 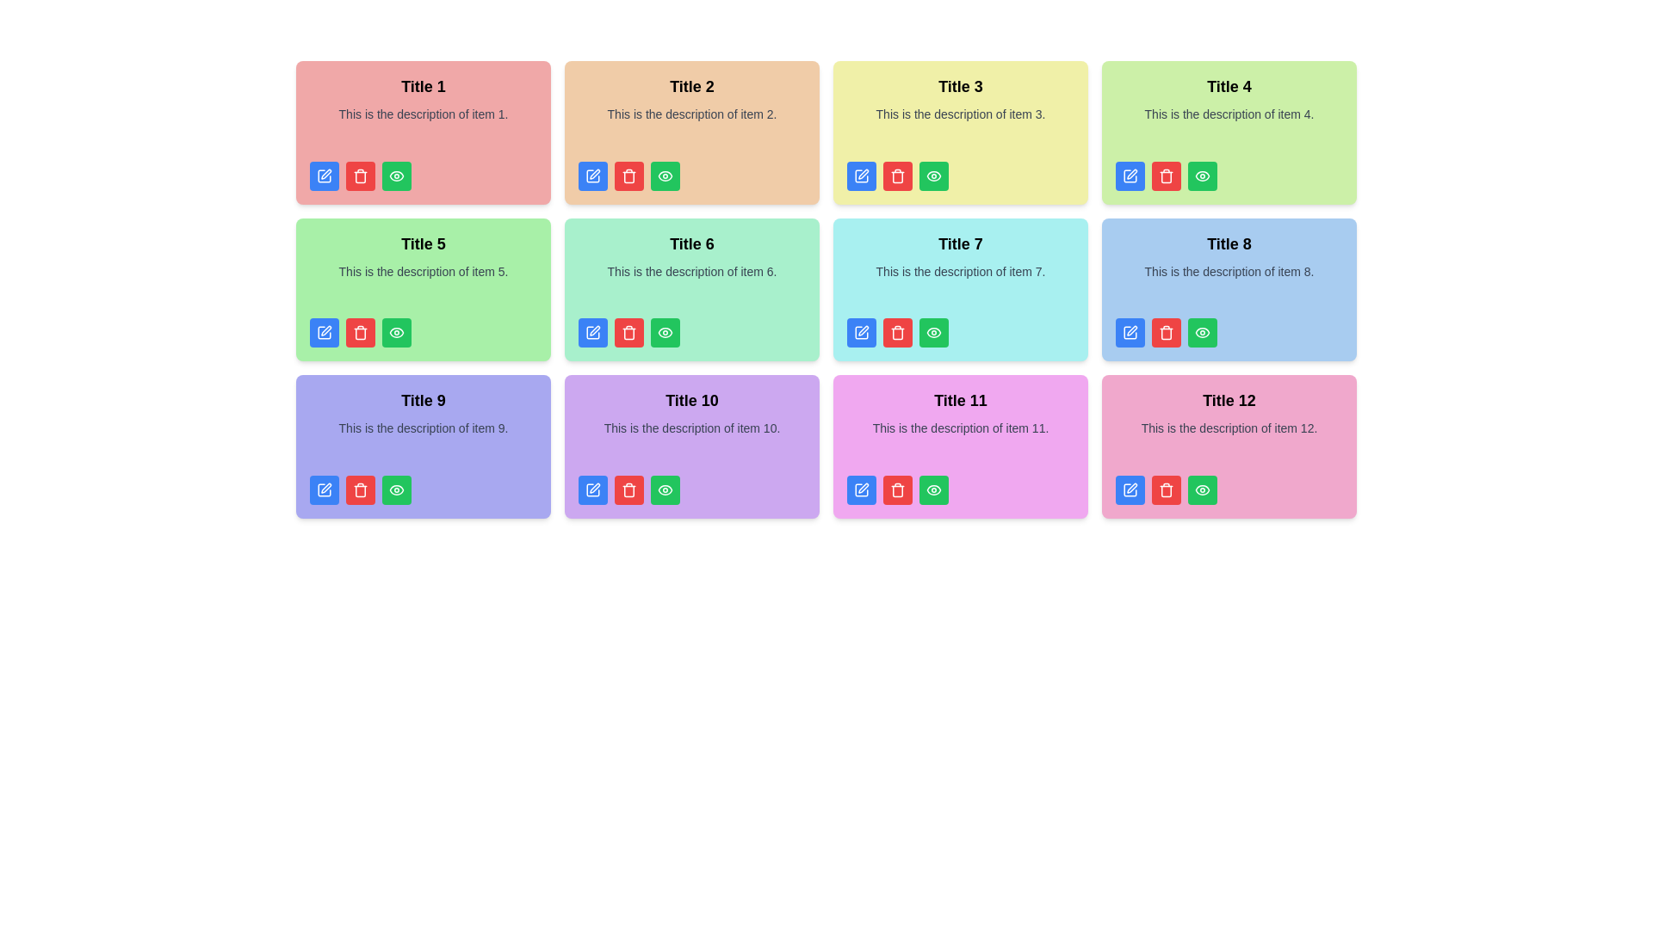 I want to click on the delete button located in the middle column of a card layout, positioned between a blue button on the left and a green button on the right, so click(x=896, y=332).